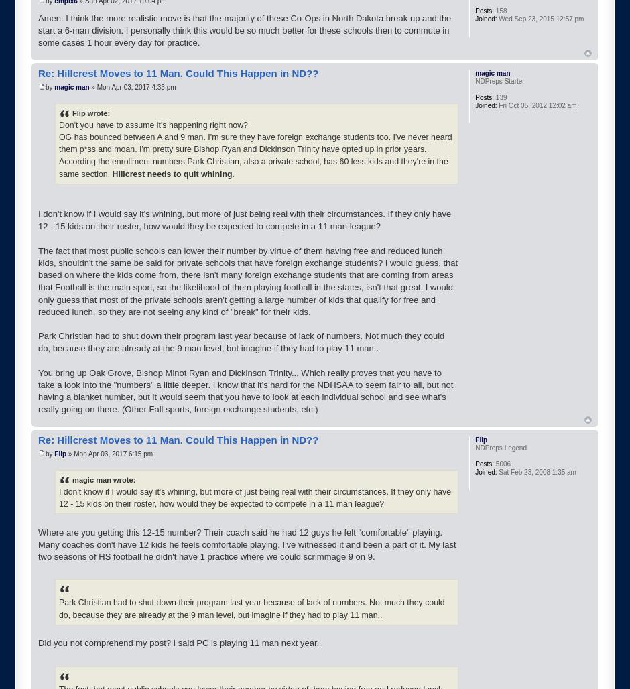 The height and width of the screenshot is (689, 630). Describe the element at coordinates (536, 472) in the screenshot. I see `'Sat Feb 23, 2008 1:35 am'` at that location.